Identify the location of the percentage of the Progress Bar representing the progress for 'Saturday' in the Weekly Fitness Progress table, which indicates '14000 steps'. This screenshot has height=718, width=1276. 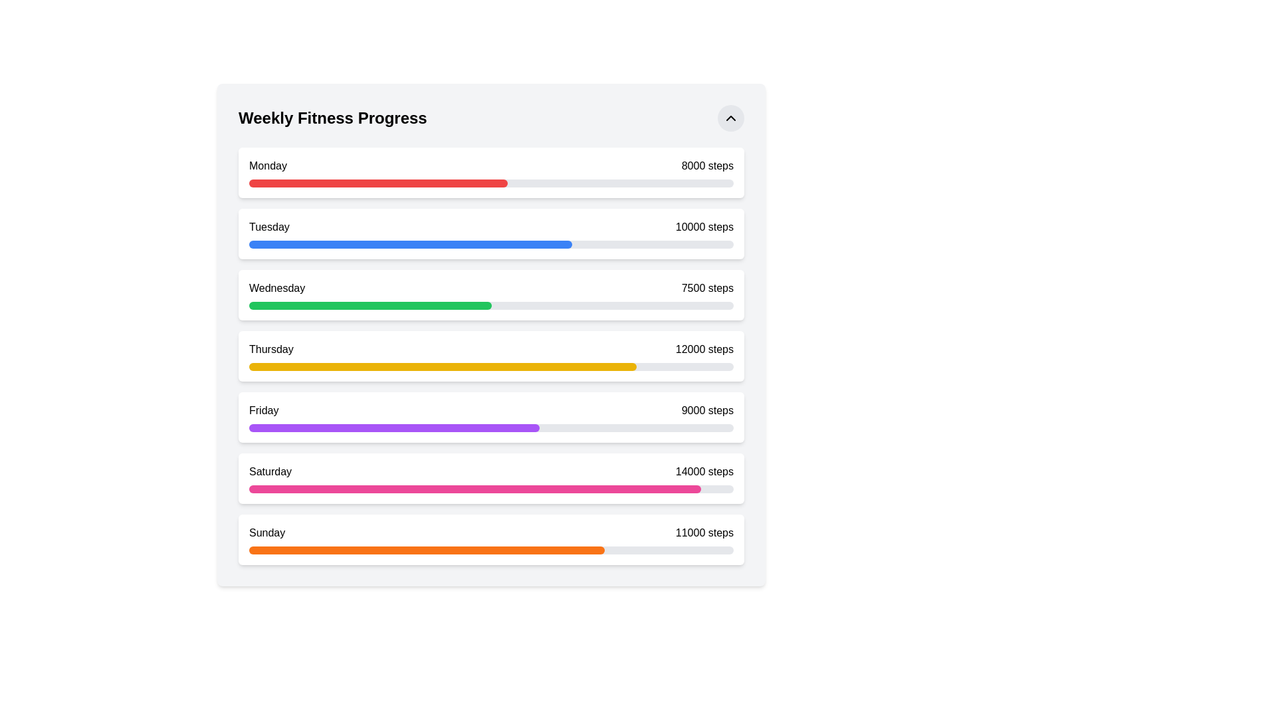
(475, 489).